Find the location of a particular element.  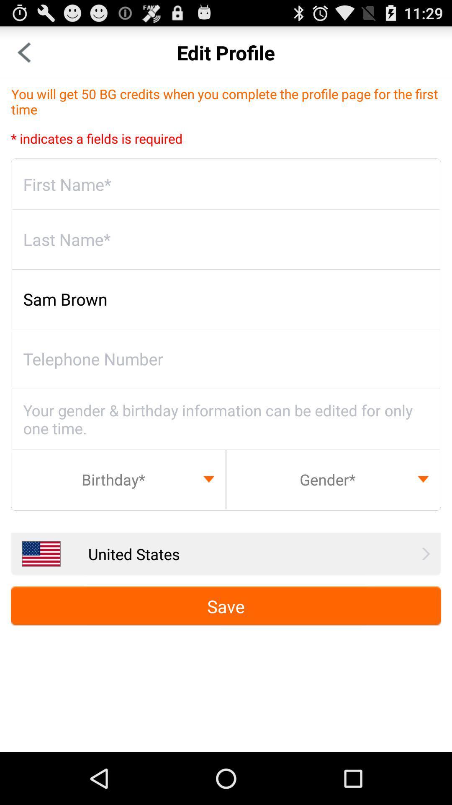

write last name is located at coordinates (226, 239).